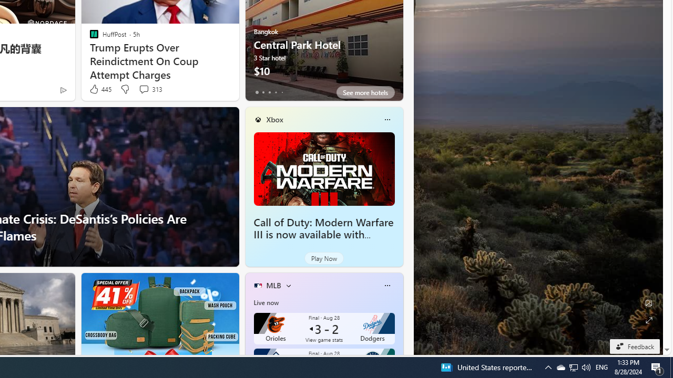 Image resolution: width=673 pixels, height=378 pixels. Describe the element at coordinates (323, 258) in the screenshot. I see `'Play Now'` at that location.